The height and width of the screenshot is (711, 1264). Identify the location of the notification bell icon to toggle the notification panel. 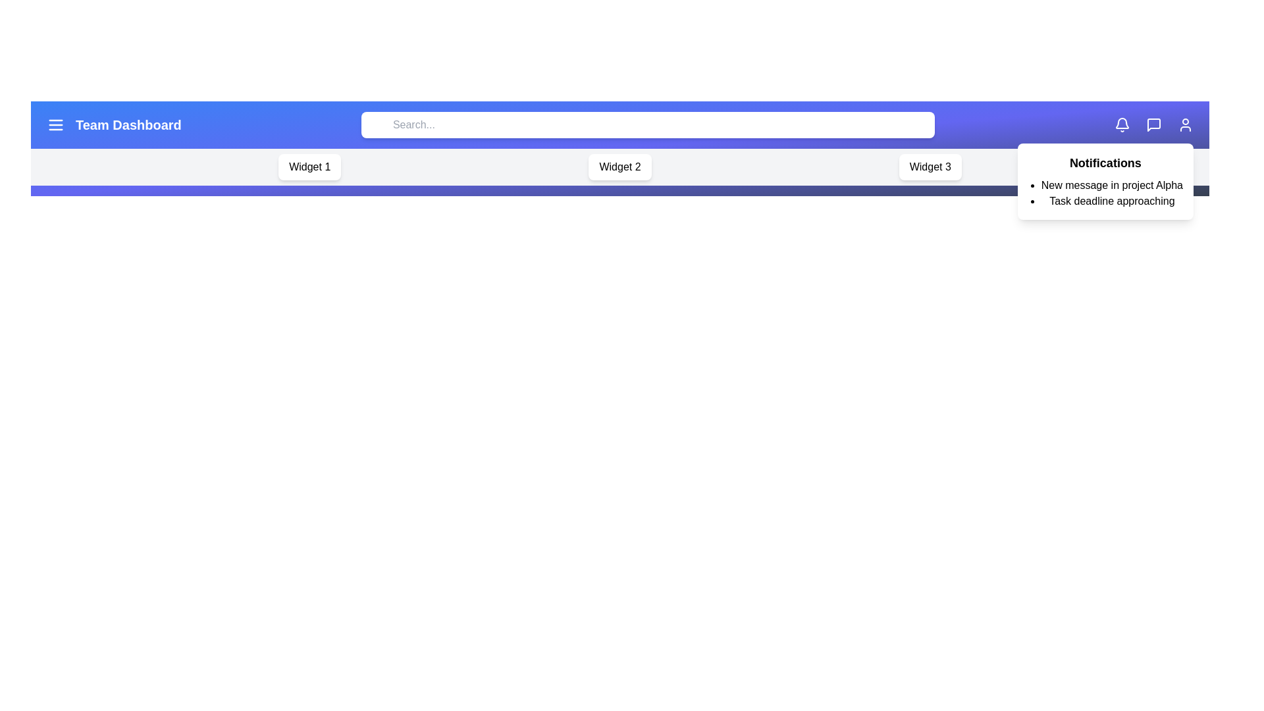
(1121, 124).